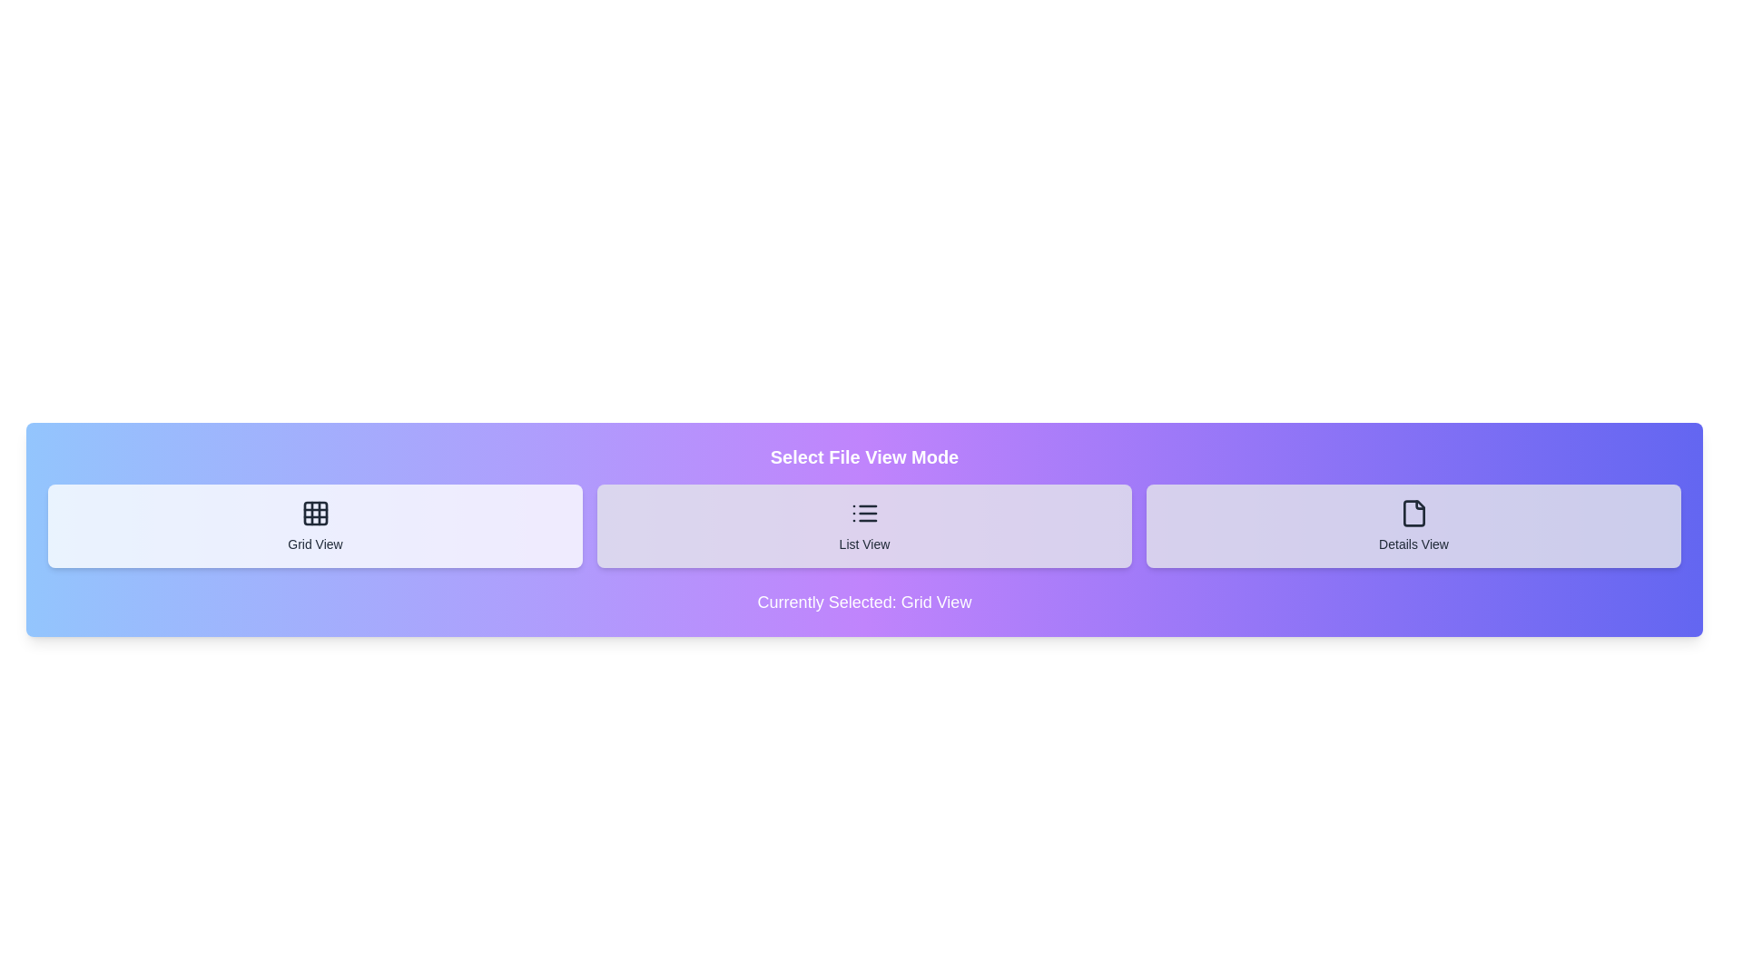  I want to click on the Details View button to observe its hover effect, so click(1413, 525).